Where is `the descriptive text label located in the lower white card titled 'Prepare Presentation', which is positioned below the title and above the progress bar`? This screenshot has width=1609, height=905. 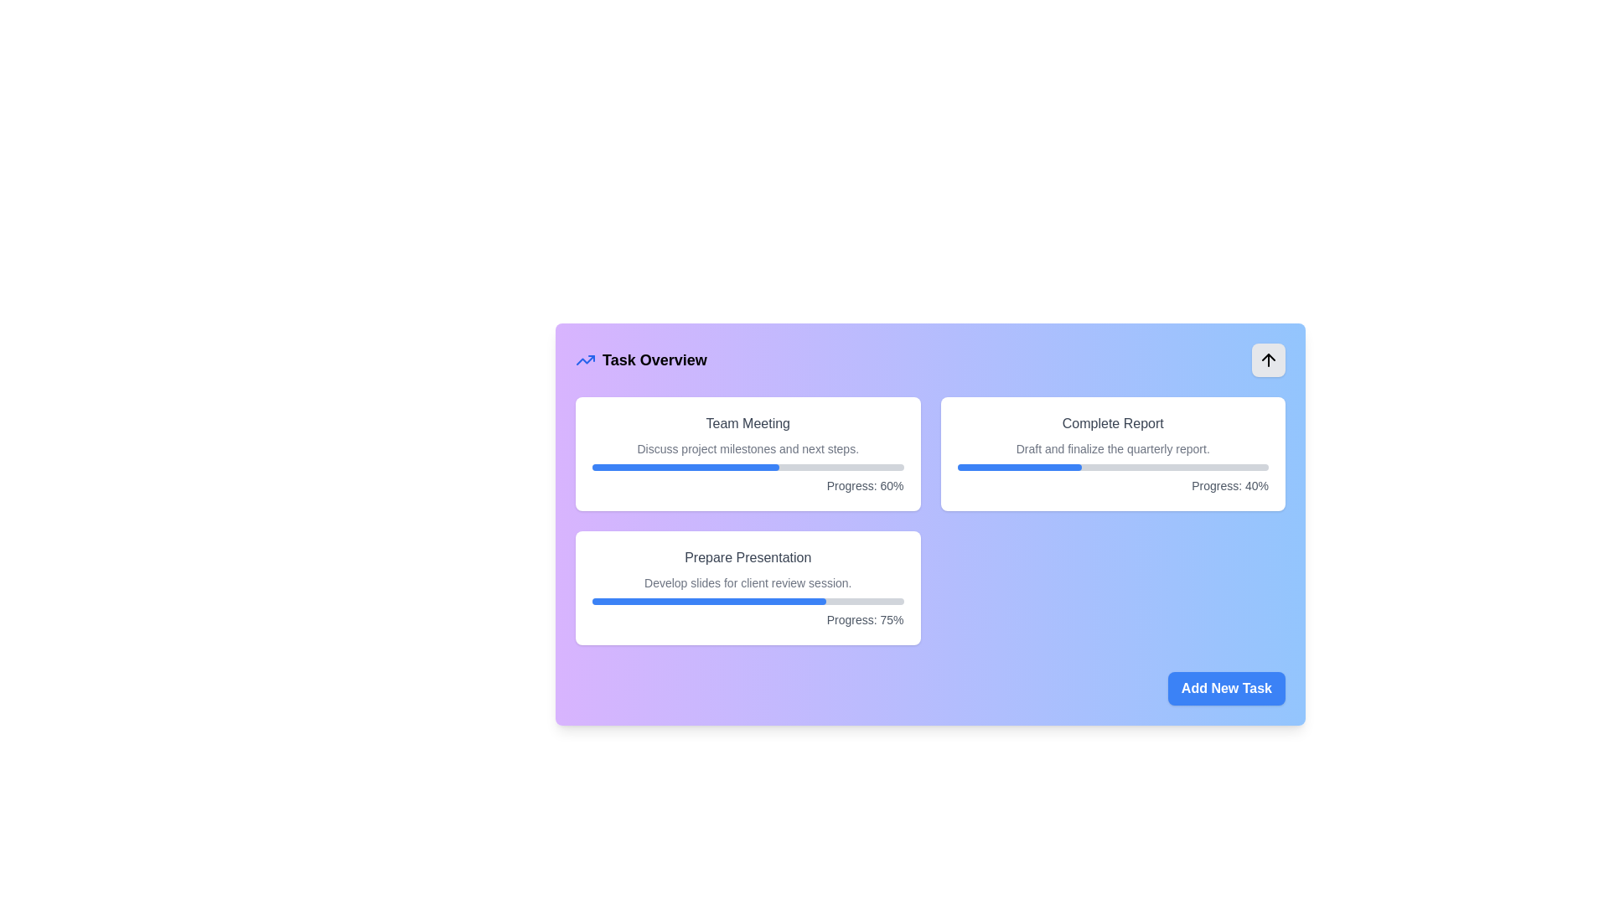
the descriptive text label located in the lower white card titled 'Prepare Presentation', which is positioned below the title and above the progress bar is located at coordinates (747, 582).